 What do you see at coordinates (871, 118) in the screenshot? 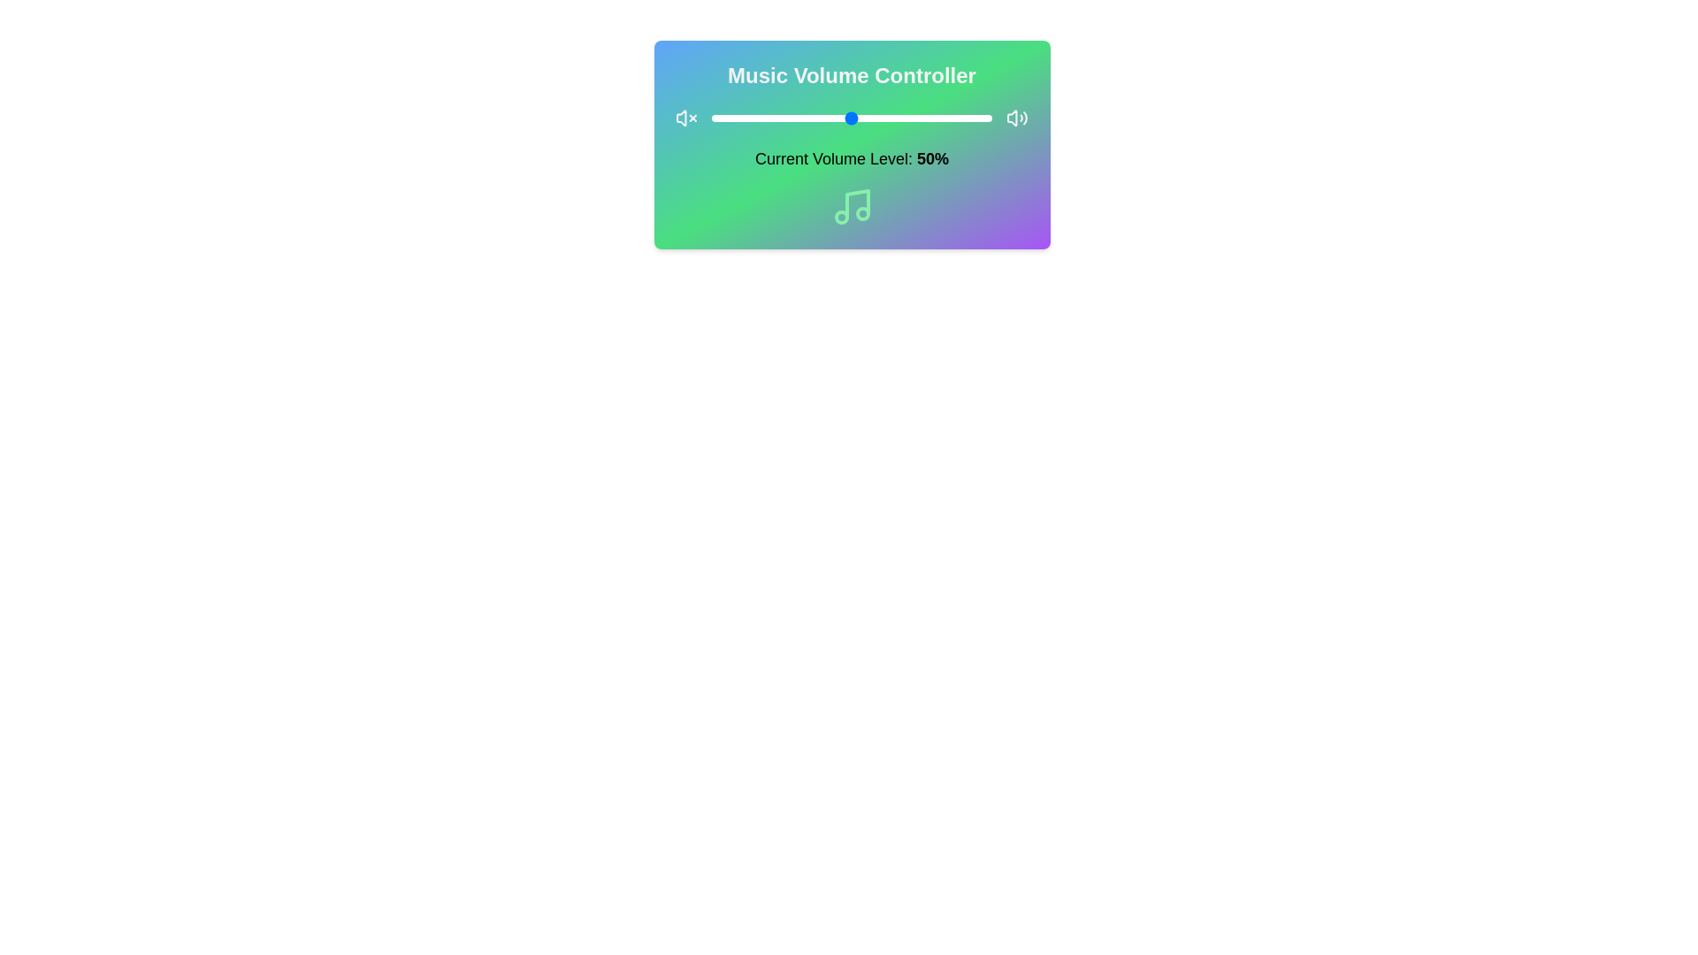
I see `the volume slider to 57%` at bounding box center [871, 118].